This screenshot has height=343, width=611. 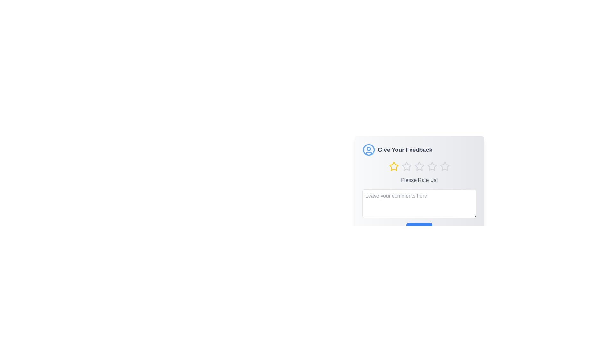 What do you see at coordinates (369, 148) in the screenshot?
I see `the small circular SVG Circle element located within the feedback section, part of an icon aligned with the 'Give Your Feedback' text` at bounding box center [369, 148].